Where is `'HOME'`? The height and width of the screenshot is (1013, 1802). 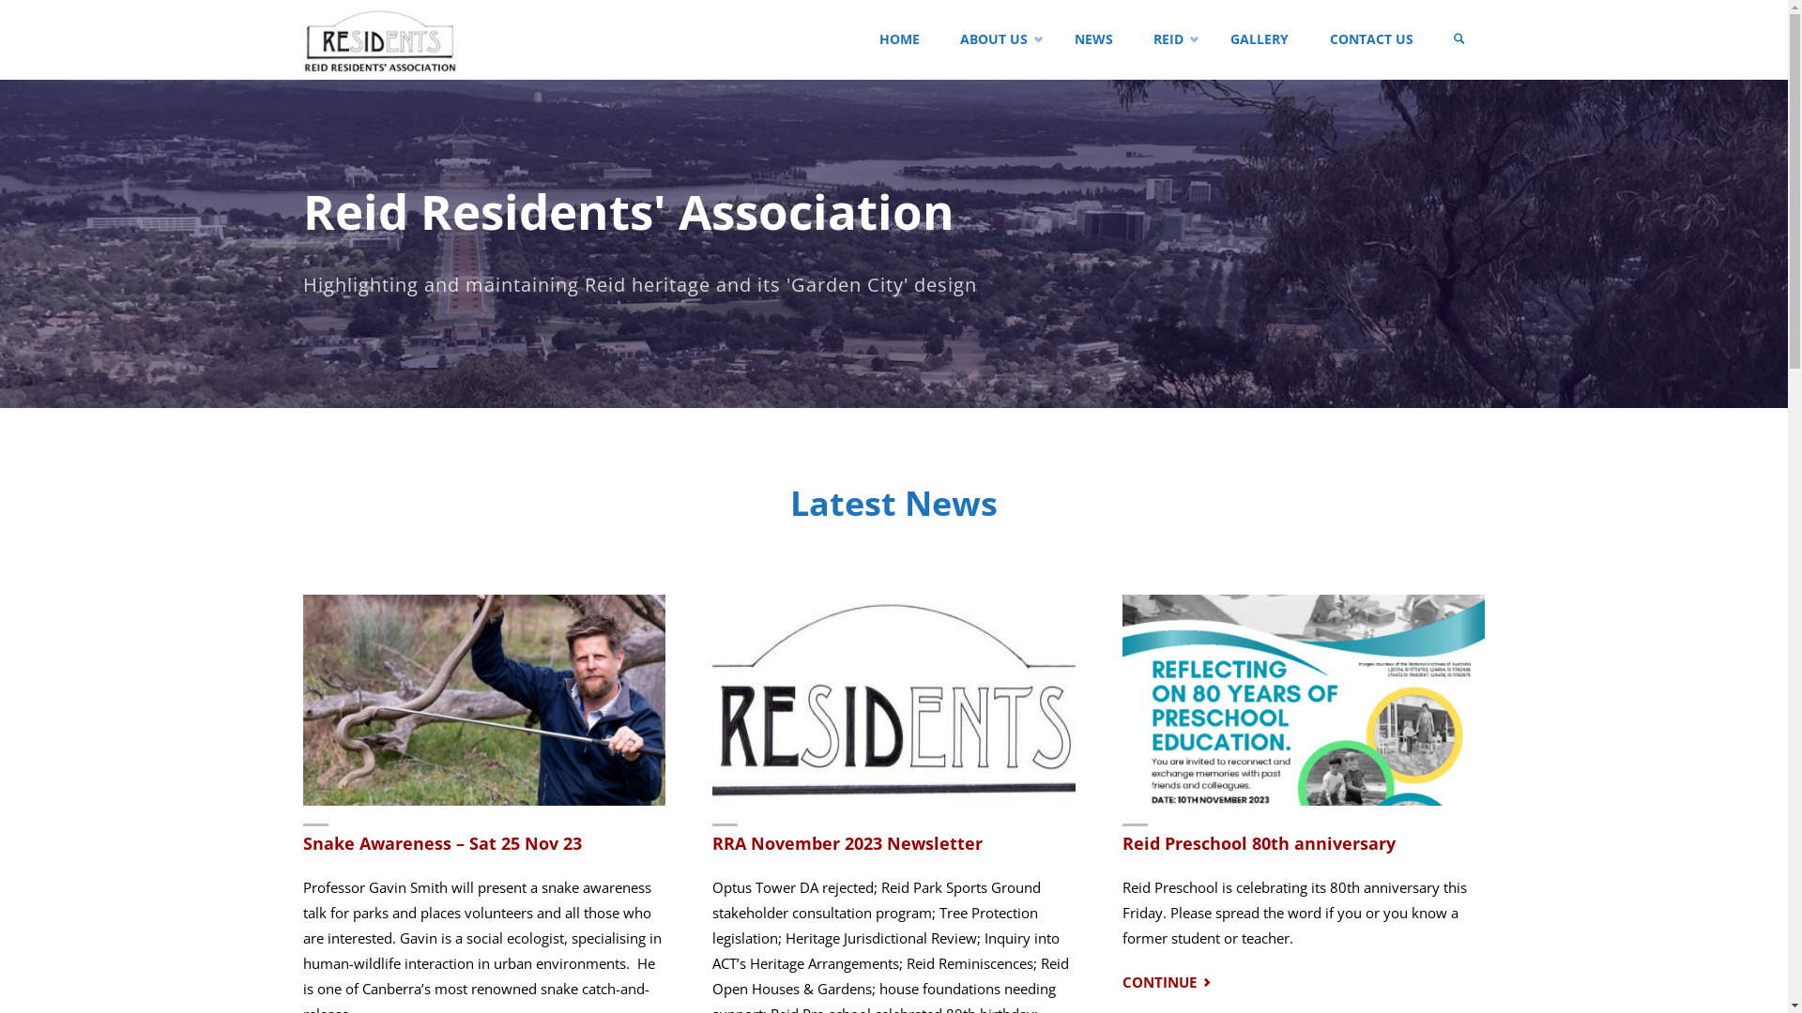 'HOME' is located at coordinates (899, 39).